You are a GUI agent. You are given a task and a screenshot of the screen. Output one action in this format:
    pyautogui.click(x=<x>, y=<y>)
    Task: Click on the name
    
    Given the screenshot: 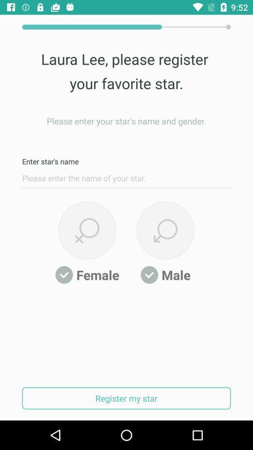 What is the action you would take?
    pyautogui.click(x=126, y=180)
    